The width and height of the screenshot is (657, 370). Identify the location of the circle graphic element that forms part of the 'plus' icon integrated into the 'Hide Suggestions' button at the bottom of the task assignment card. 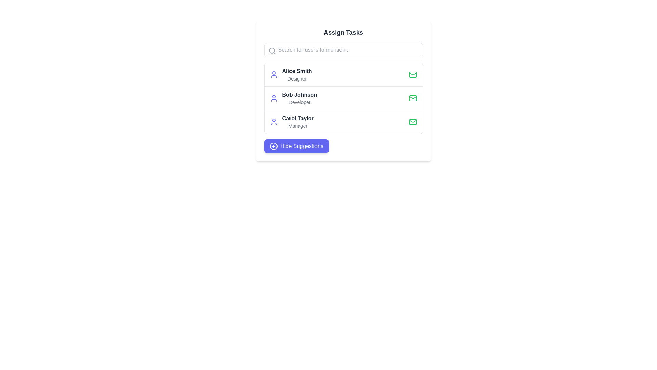
(273, 146).